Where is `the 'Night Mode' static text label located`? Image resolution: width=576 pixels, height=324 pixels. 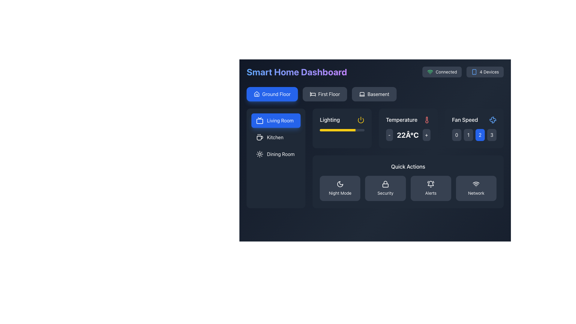
the 'Night Mode' static text label located is located at coordinates (340, 193).